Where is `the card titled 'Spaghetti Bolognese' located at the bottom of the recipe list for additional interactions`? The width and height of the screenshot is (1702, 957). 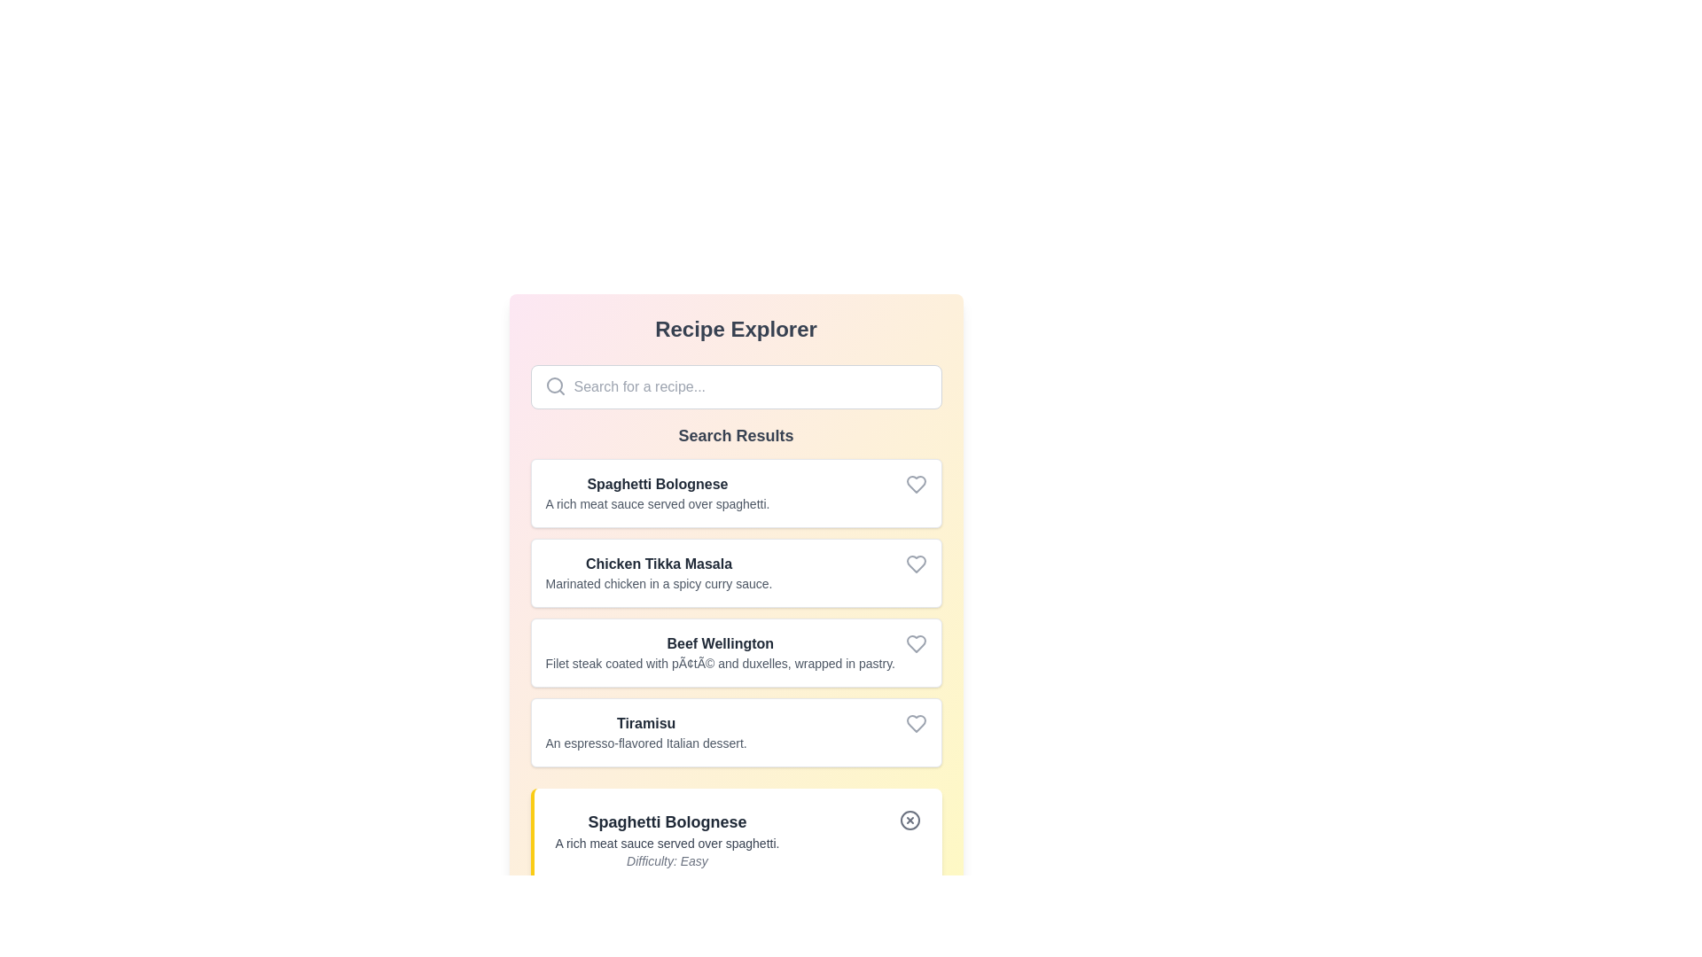
the card titled 'Spaghetti Bolognese' located at the bottom of the recipe list for additional interactions is located at coordinates (738, 839).